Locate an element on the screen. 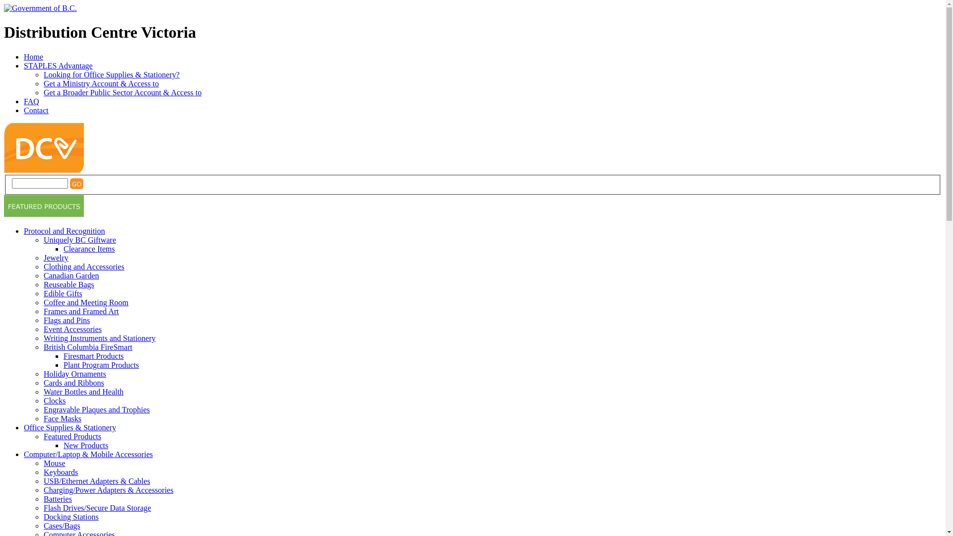 This screenshot has width=953, height=536. 'DCV Home' is located at coordinates (4, 169).